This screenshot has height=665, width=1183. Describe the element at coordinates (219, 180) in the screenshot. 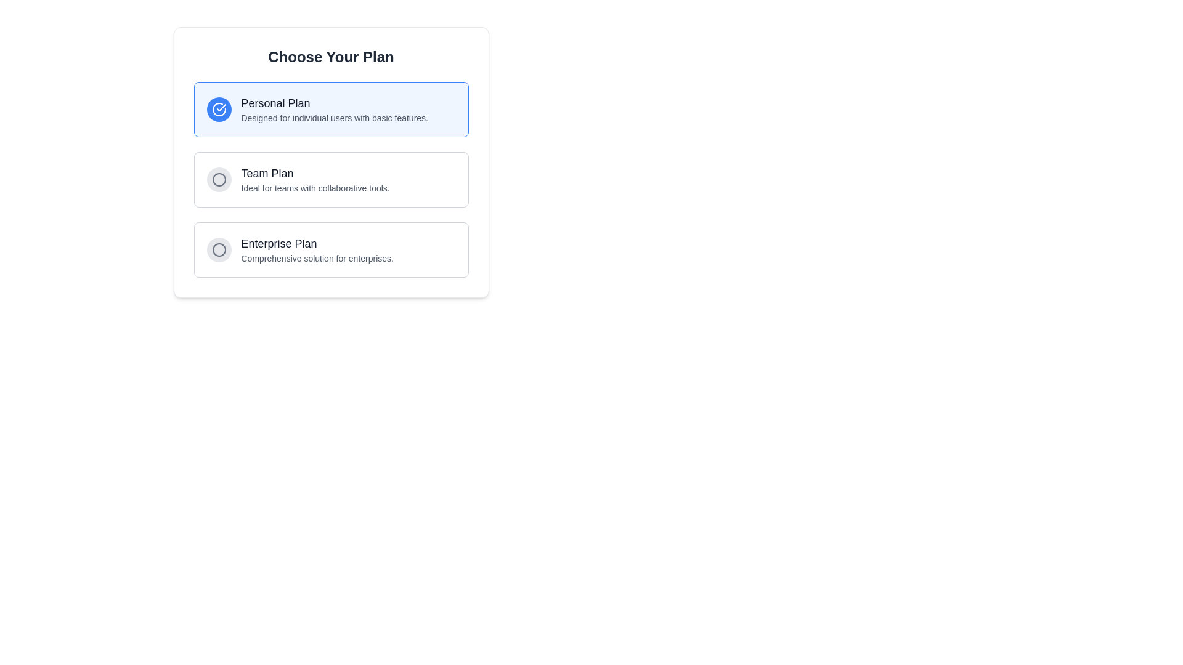

I see `the graphical badge indicating the Team Plan option, centrally positioned within the selection box` at that location.